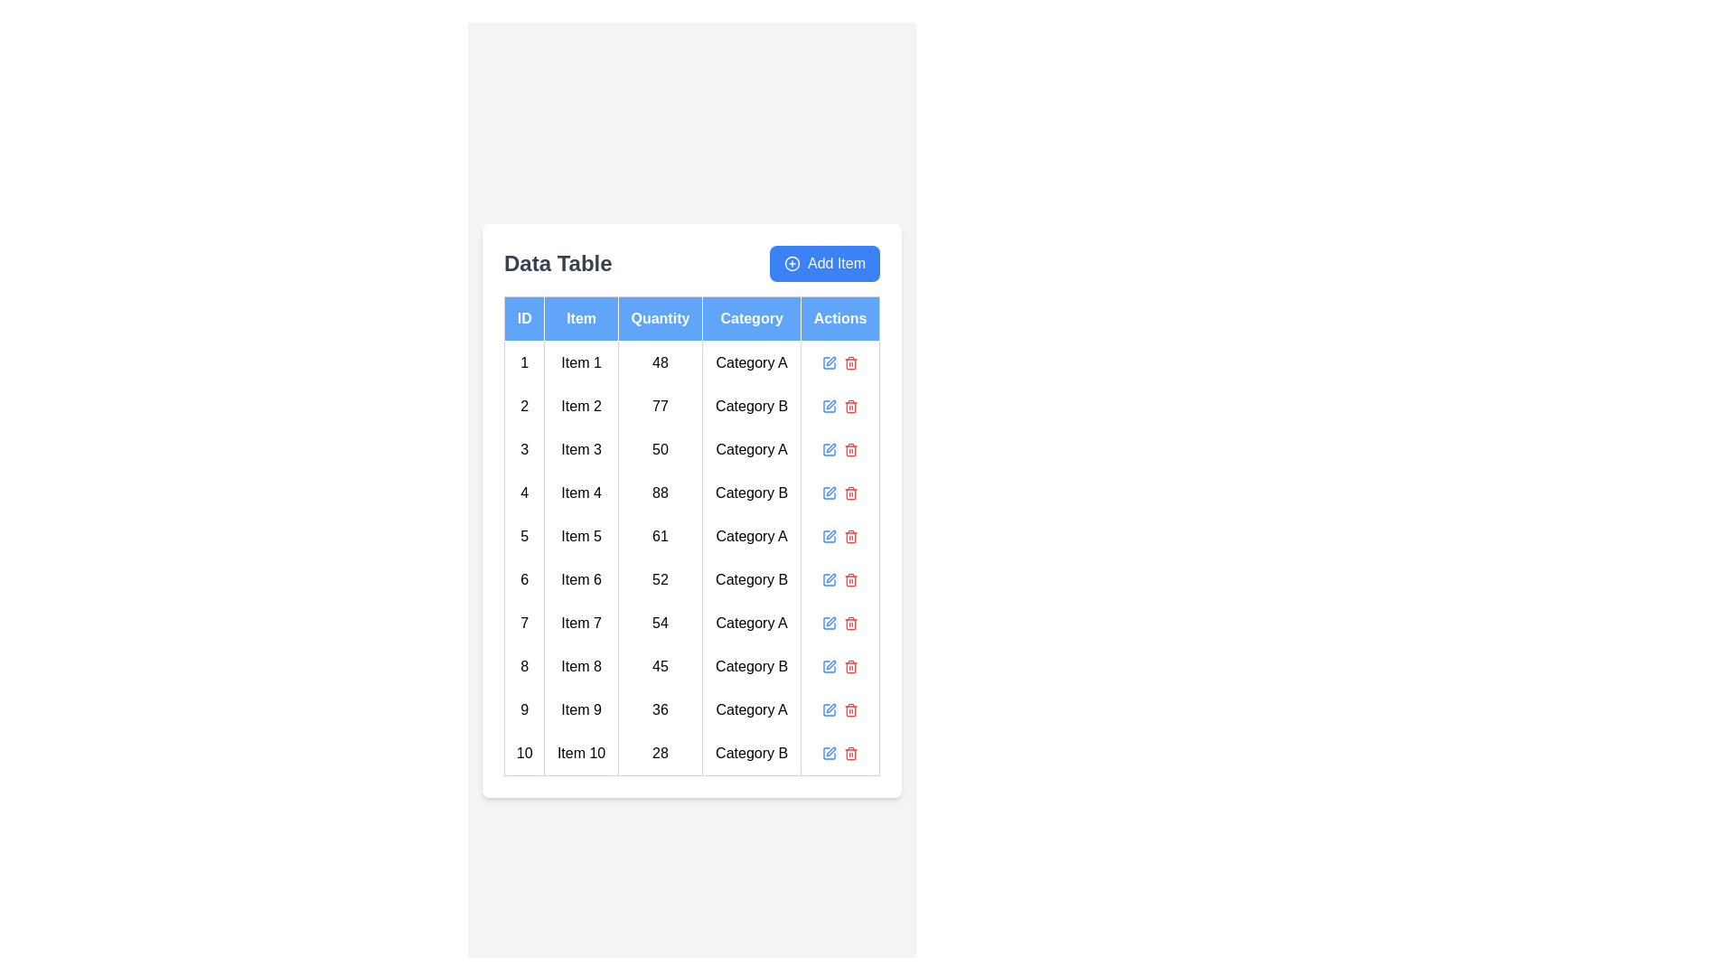 The height and width of the screenshot is (976, 1735). What do you see at coordinates (752, 362) in the screenshot?
I see `the 'Category A' text label in the fourth column of the first row of the data table` at bounding box center [752, 362].